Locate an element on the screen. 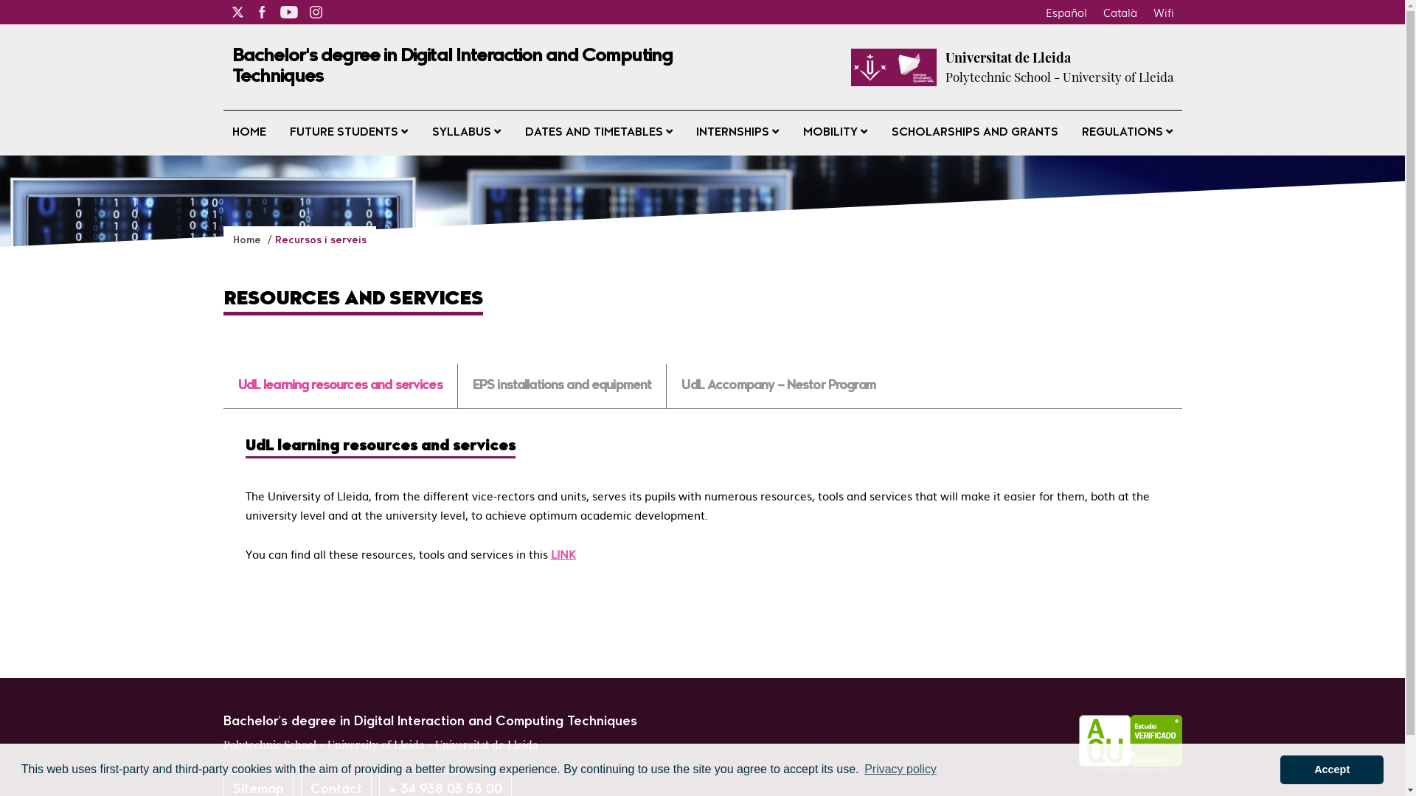 Image resolution: width=1416 pixels, height=796 pixels. 'SCHOLARSHIPS AND GRANTS' is located at coordinates (882, 133).